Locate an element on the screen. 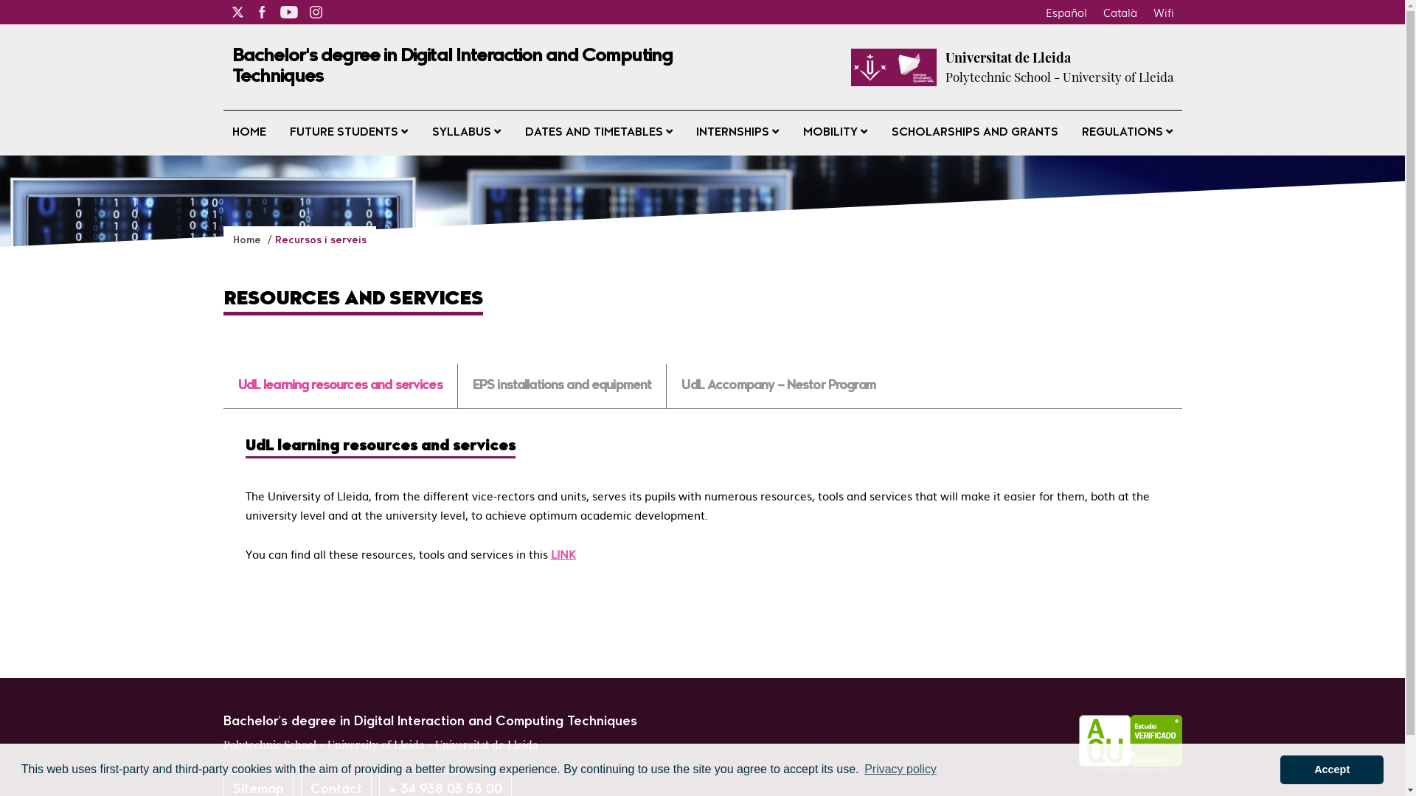 Image resolution: width=1416 pixels, height=796 pixels. 'SCHOLARSHIPS AND GRANTS' is located at coordinates (882, 133).